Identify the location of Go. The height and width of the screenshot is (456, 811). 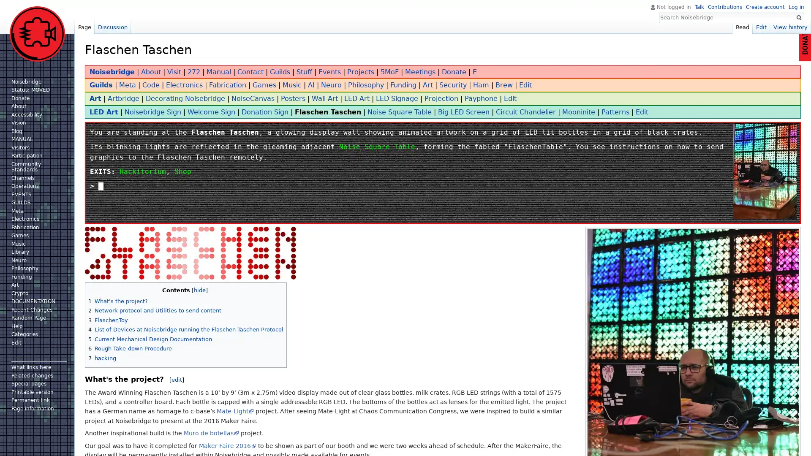
(798, 18).